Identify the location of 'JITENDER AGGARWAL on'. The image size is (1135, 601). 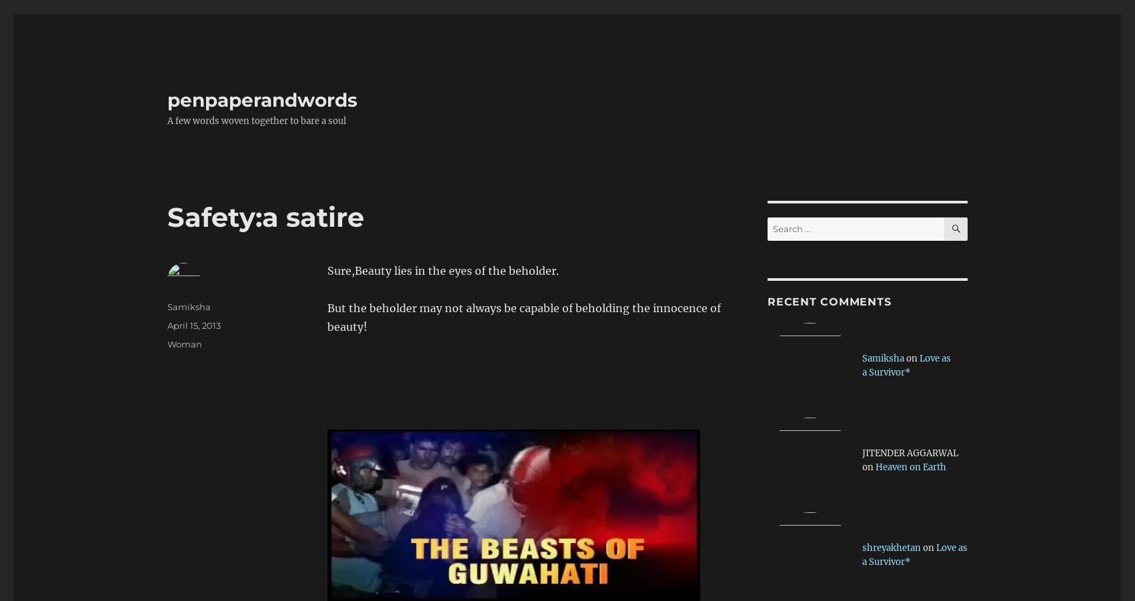
(862, 460).